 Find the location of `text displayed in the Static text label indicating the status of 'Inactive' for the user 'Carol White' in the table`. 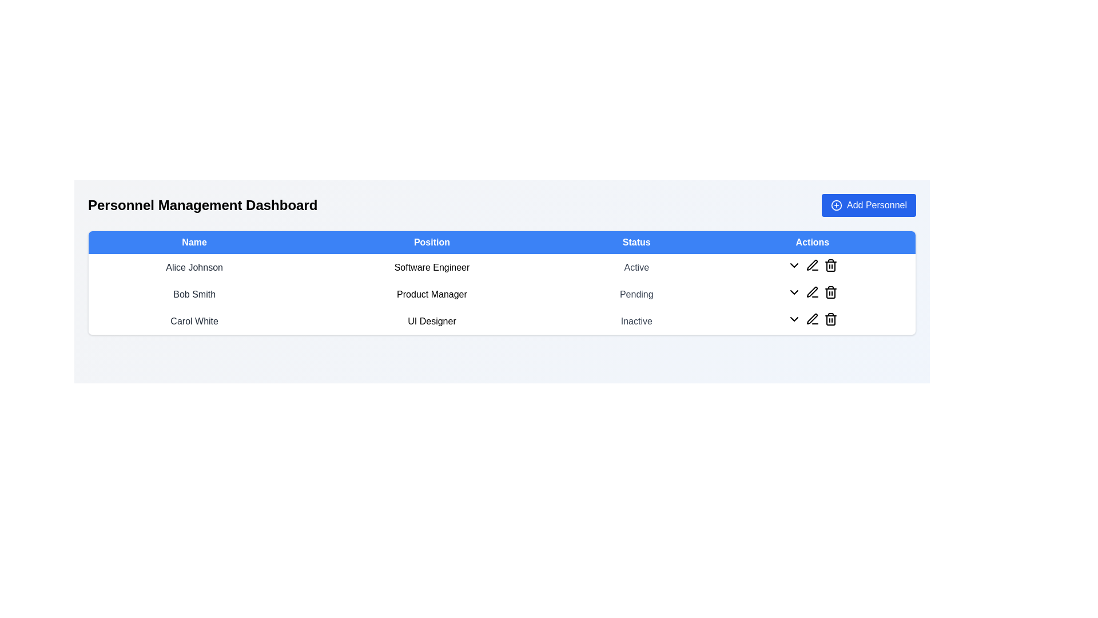

text displayed in the Static text label indicating the status of 'Inactive' for the user 'Carol White' in the table is located at coordinates (636, 321).